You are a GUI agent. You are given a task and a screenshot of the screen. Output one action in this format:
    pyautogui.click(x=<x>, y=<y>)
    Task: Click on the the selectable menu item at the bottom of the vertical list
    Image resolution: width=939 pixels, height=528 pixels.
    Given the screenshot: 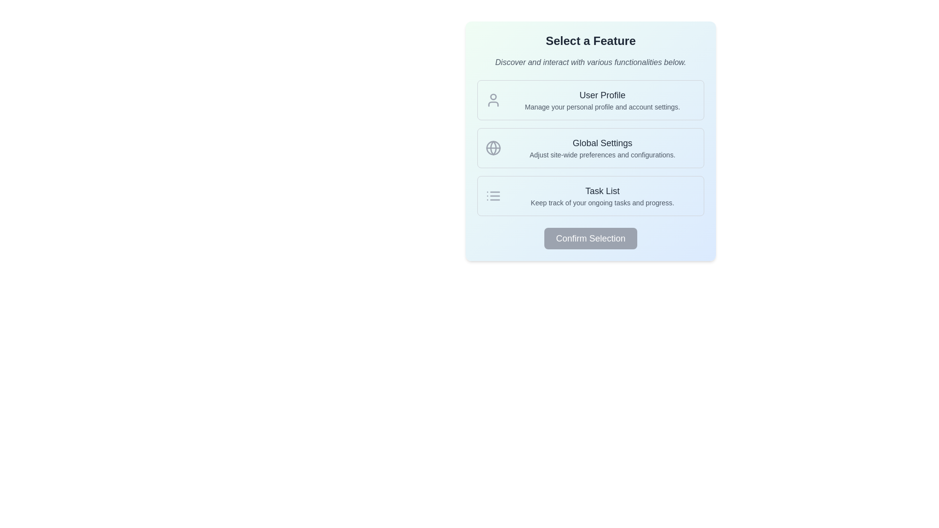 What is the action you would take?
    pyautogui.click(x=590, y=196)
    